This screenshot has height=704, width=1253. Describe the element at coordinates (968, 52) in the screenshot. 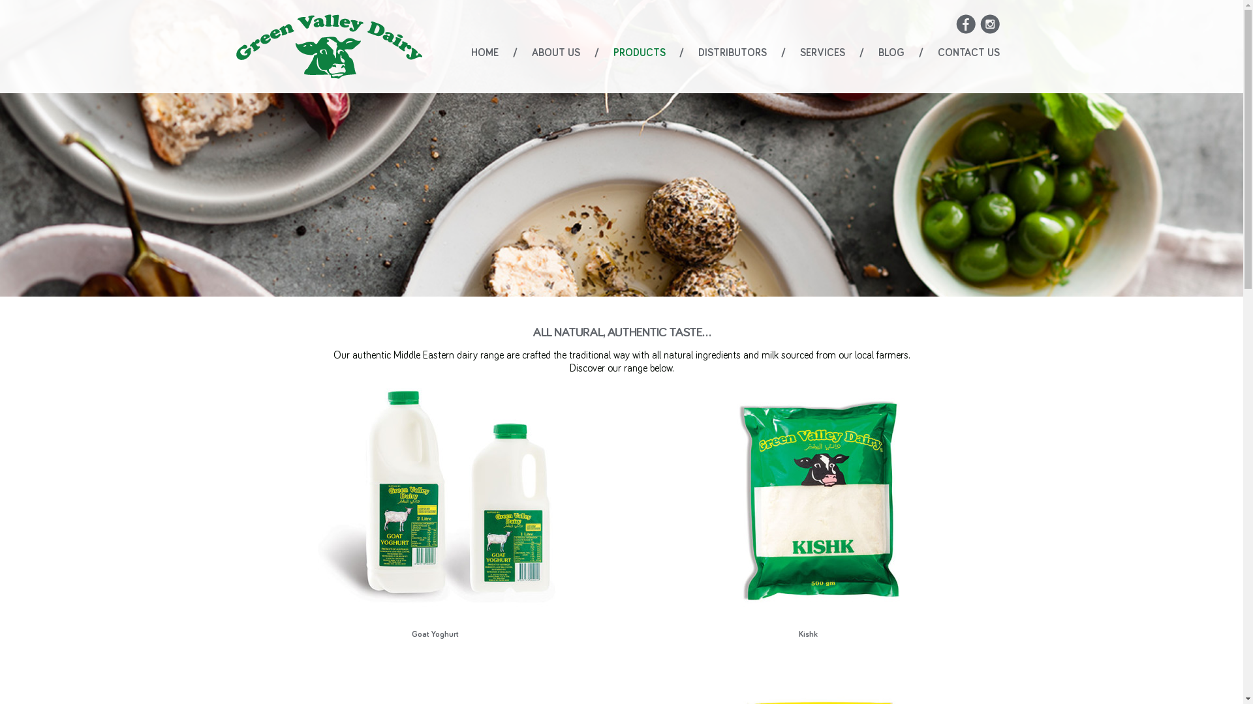

I see `'CONTACT US'` at that location.